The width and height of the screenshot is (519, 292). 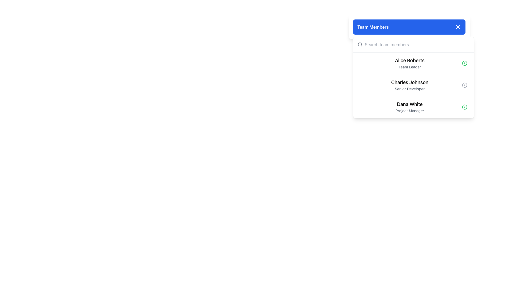 I want to click on the search icon located to the left of the input field in the 'Search team members' bar, which serves as a visual indicator for search functionality, so click(x=360, y=44).